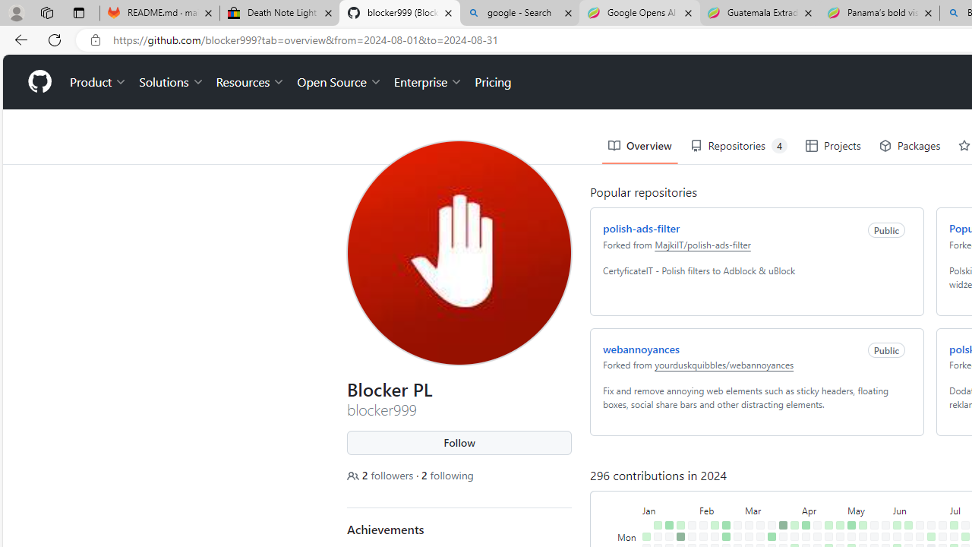  What do you see at coordinates (639, 13) in the screenshot?
I see `'Google Opens AI Academy for Startups - Nearshore Americas'` at bounding box center [639, 13].